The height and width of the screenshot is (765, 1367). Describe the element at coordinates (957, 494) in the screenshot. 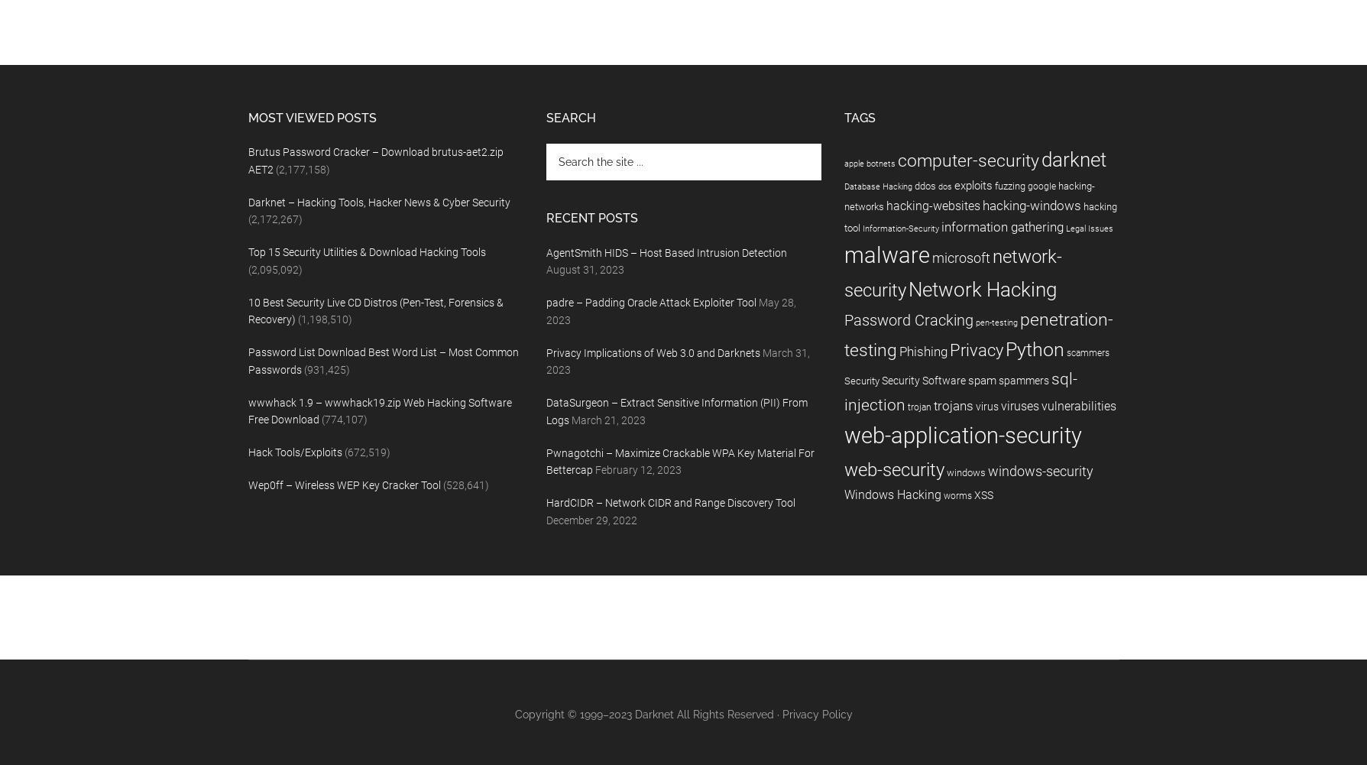

I see `'worms'` at that location.